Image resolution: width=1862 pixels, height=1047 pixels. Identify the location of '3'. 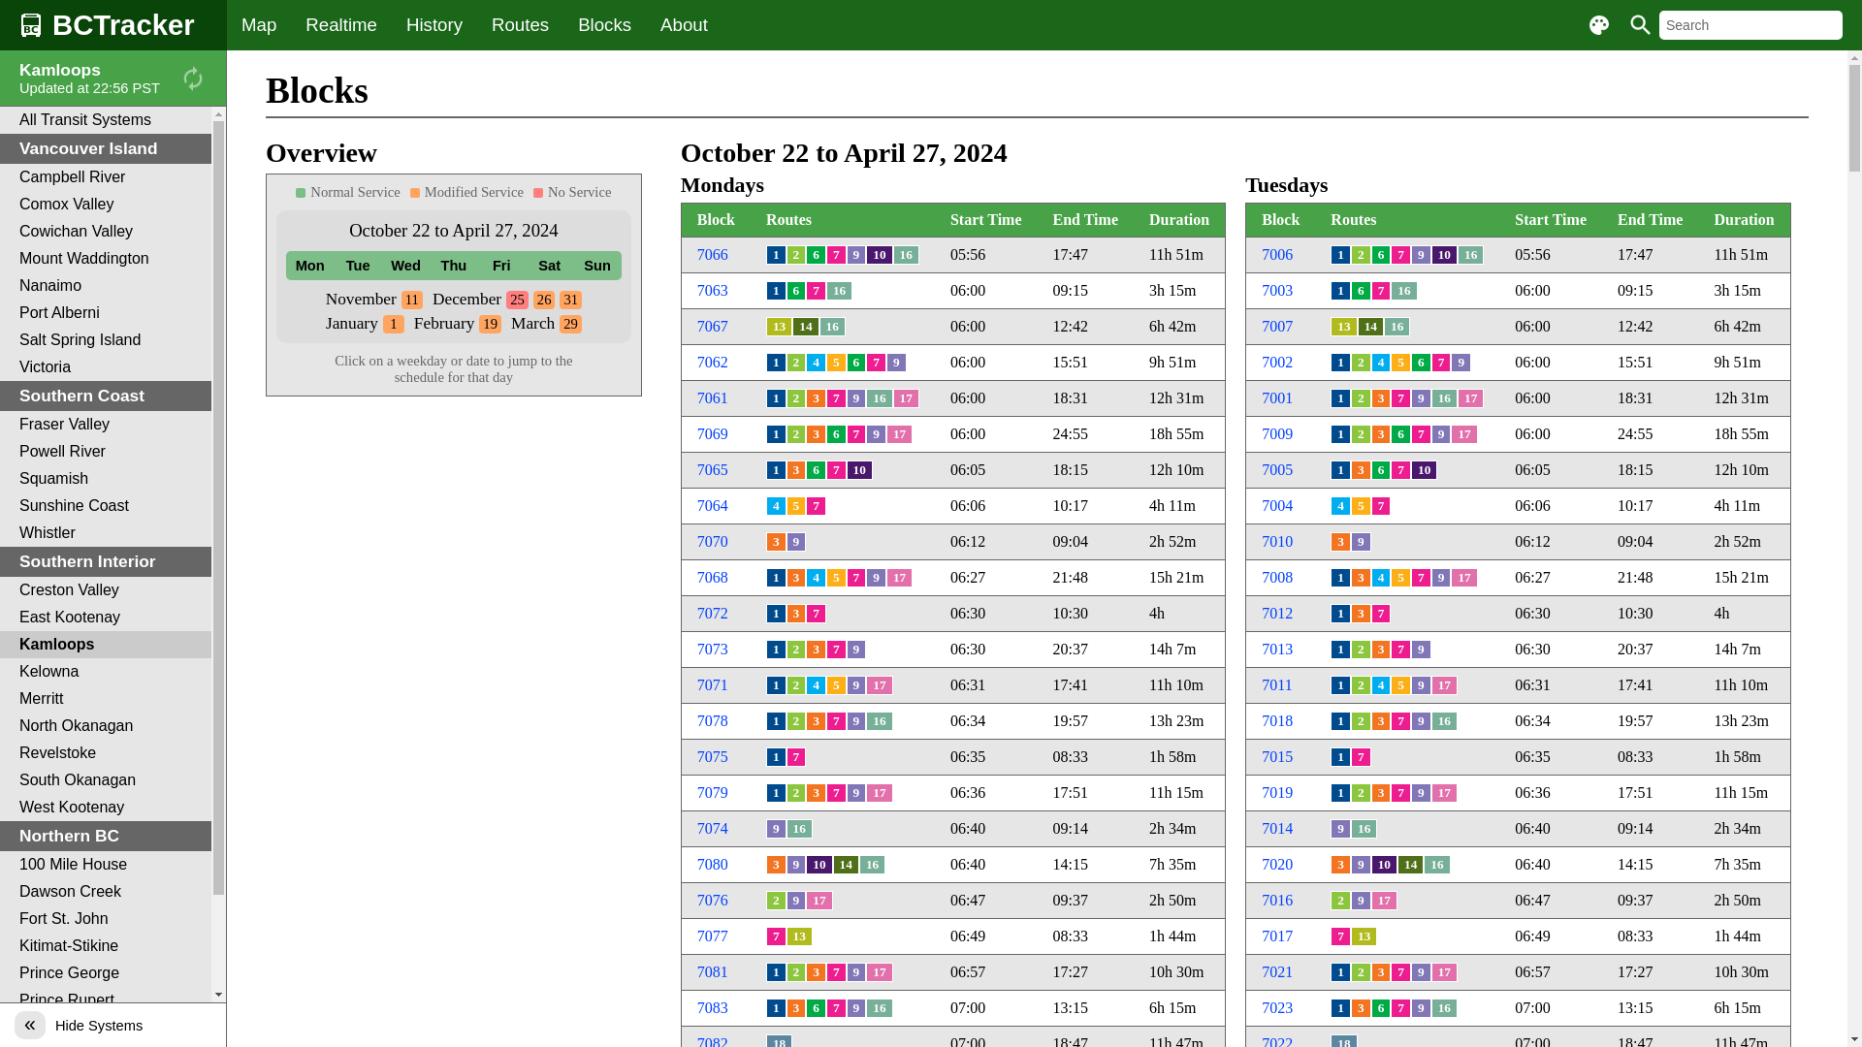
(805, 432).